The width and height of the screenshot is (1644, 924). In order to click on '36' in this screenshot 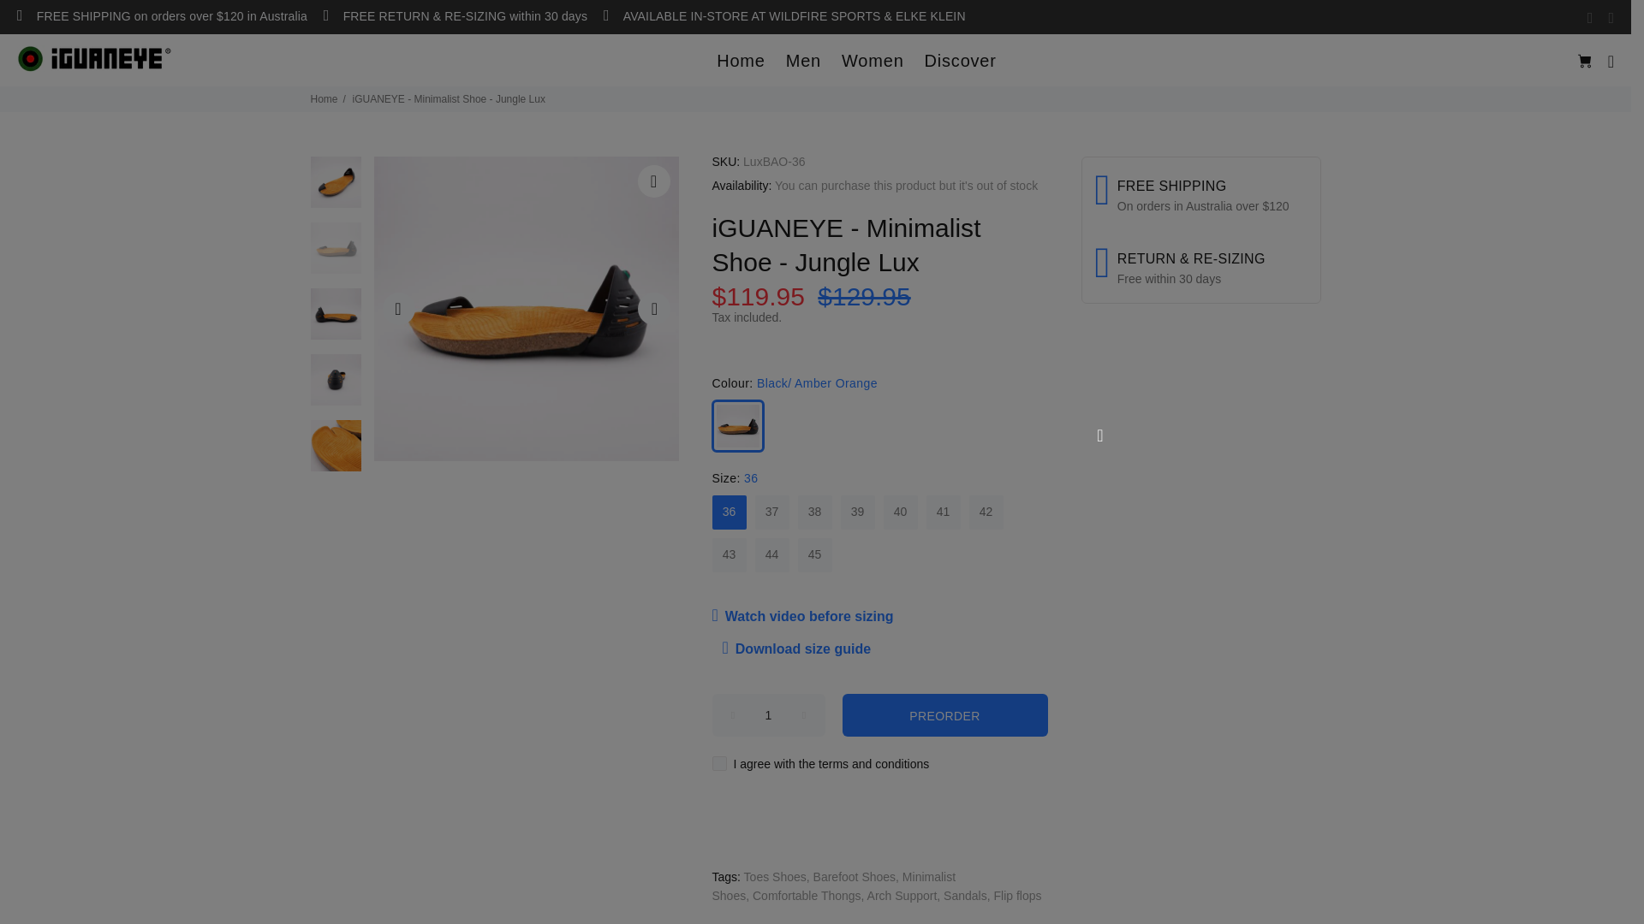, I will do `click(712, 511)`.